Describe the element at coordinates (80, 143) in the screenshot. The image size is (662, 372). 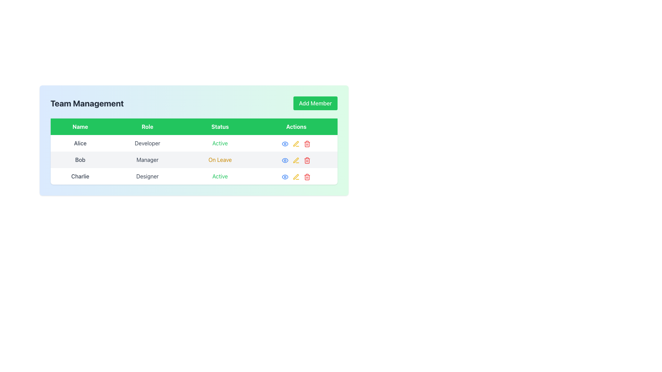
I see `the text label displaying the name 'Alice' located in the first row under the 'Name' column of the table` at that location.